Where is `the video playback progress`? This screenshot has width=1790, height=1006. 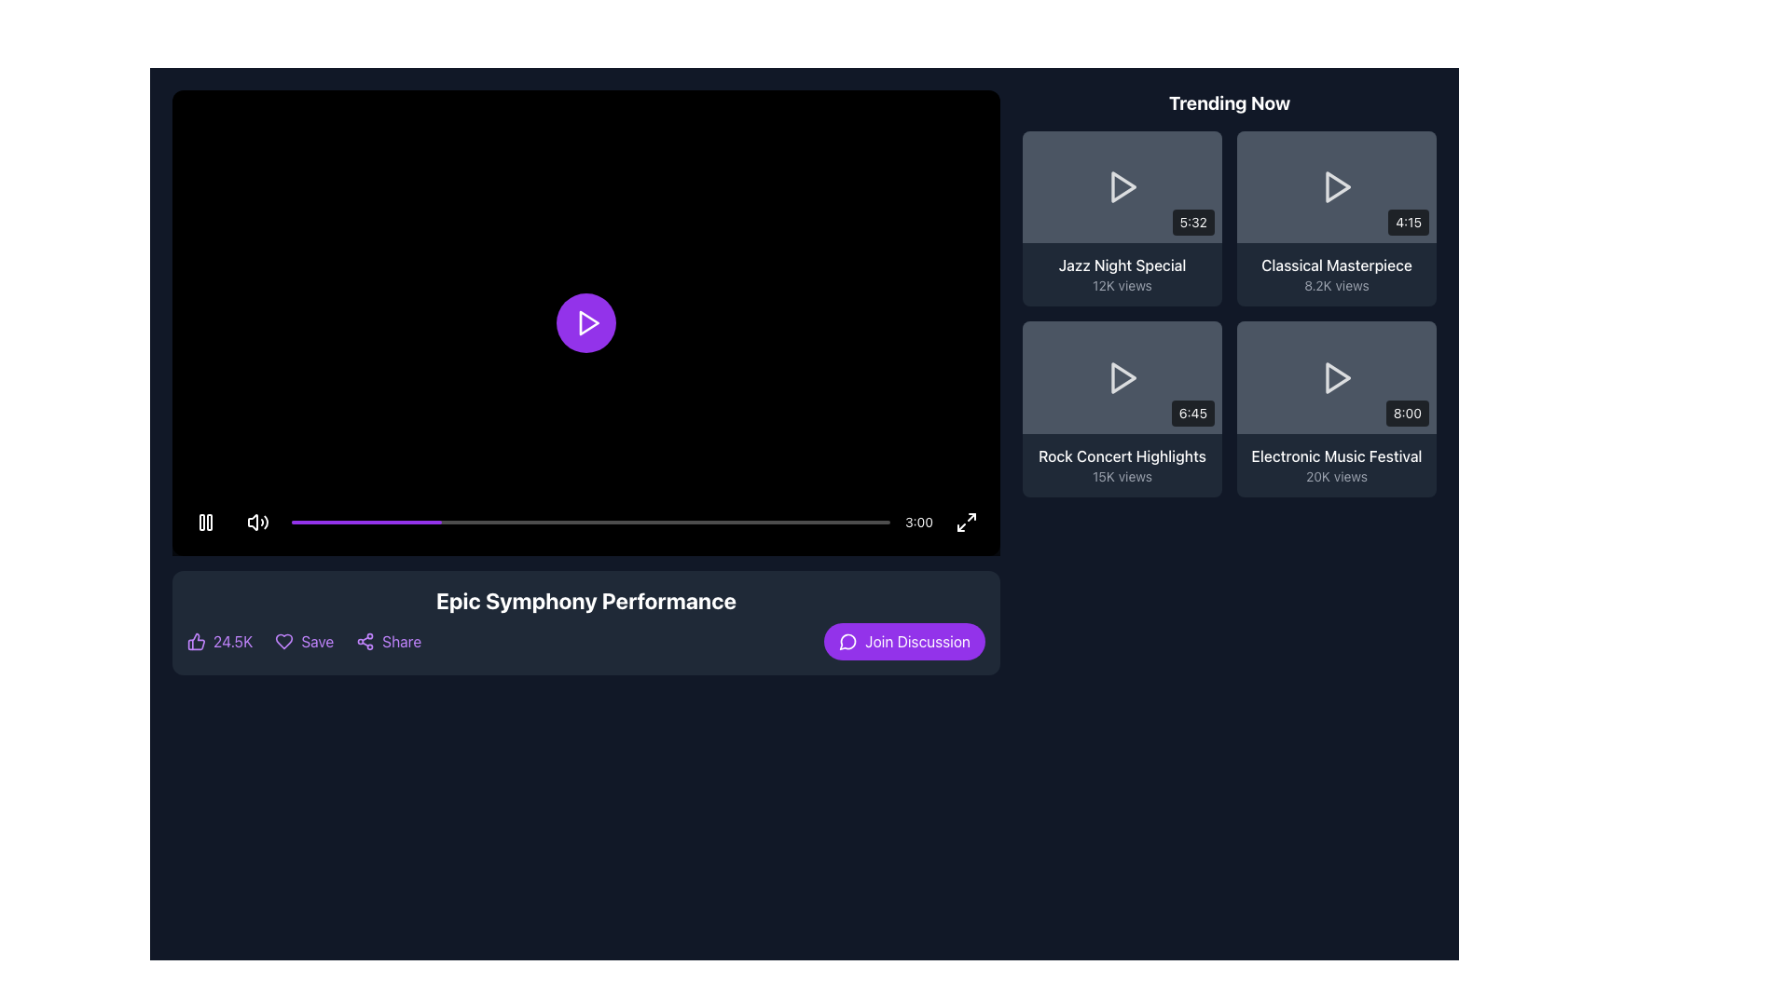 the video playback progress is located at coordinates (453, 522).